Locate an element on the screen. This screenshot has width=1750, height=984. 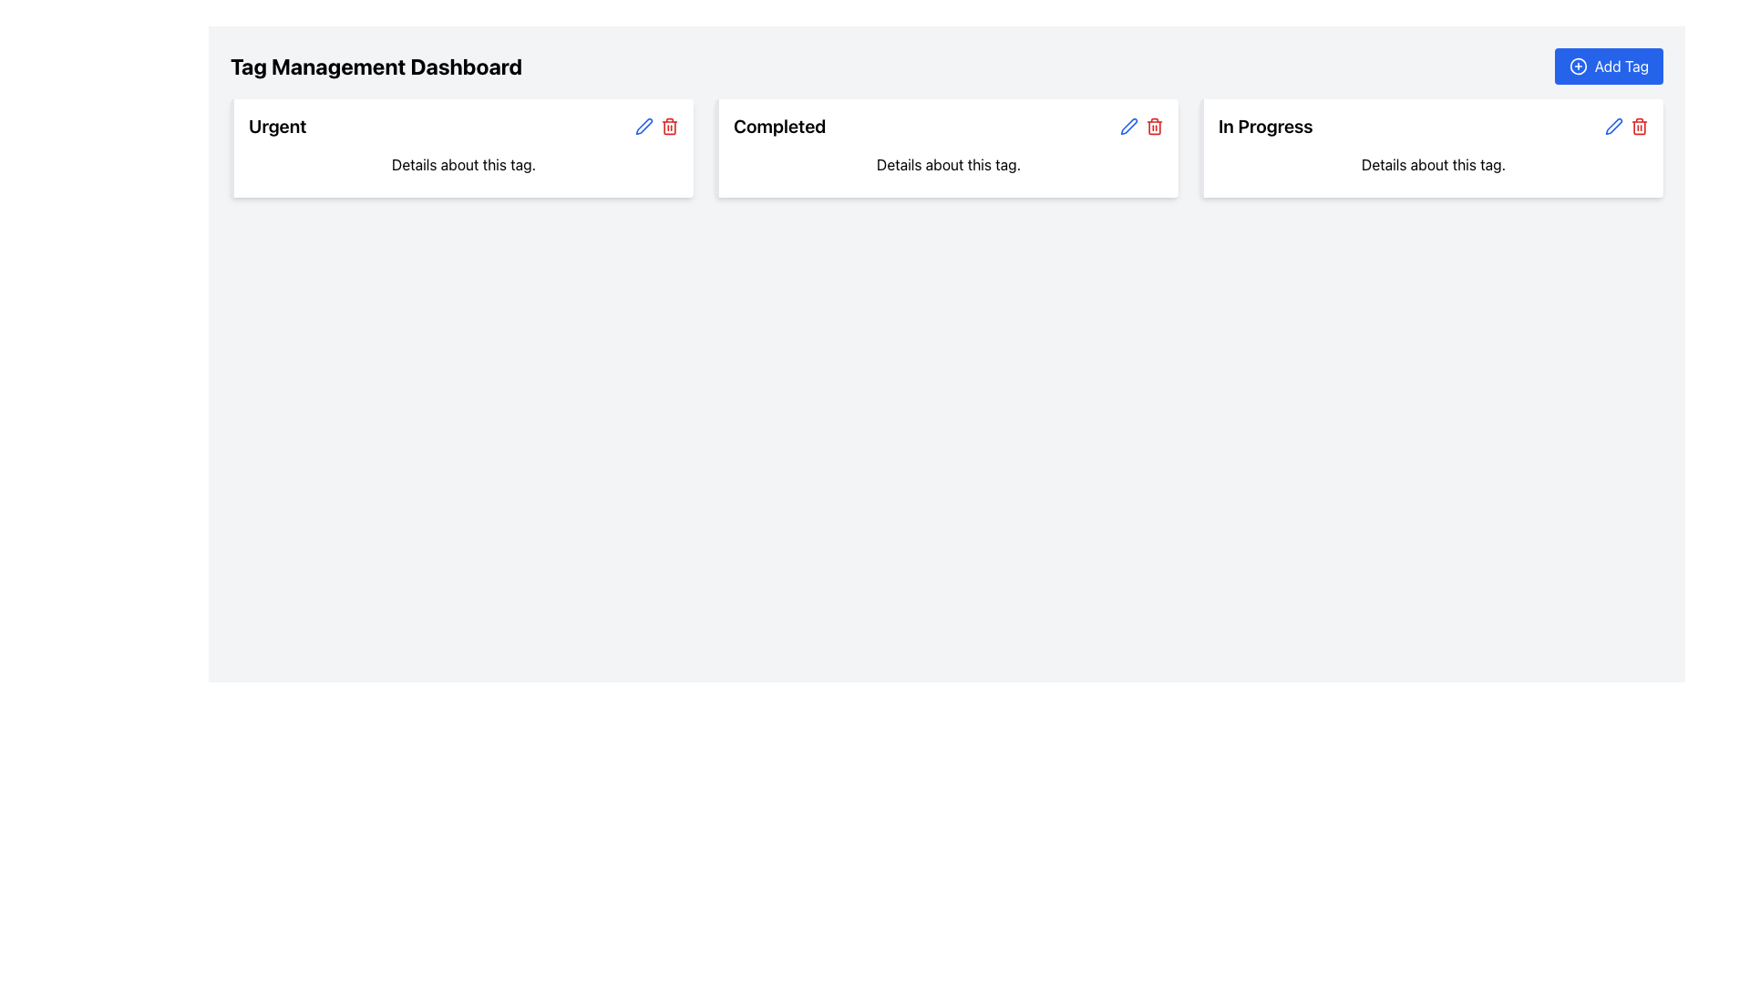
the delete button icon, which is the second icon in the top right corner of the 'Urgent' card is located at coordinates (668, 125).